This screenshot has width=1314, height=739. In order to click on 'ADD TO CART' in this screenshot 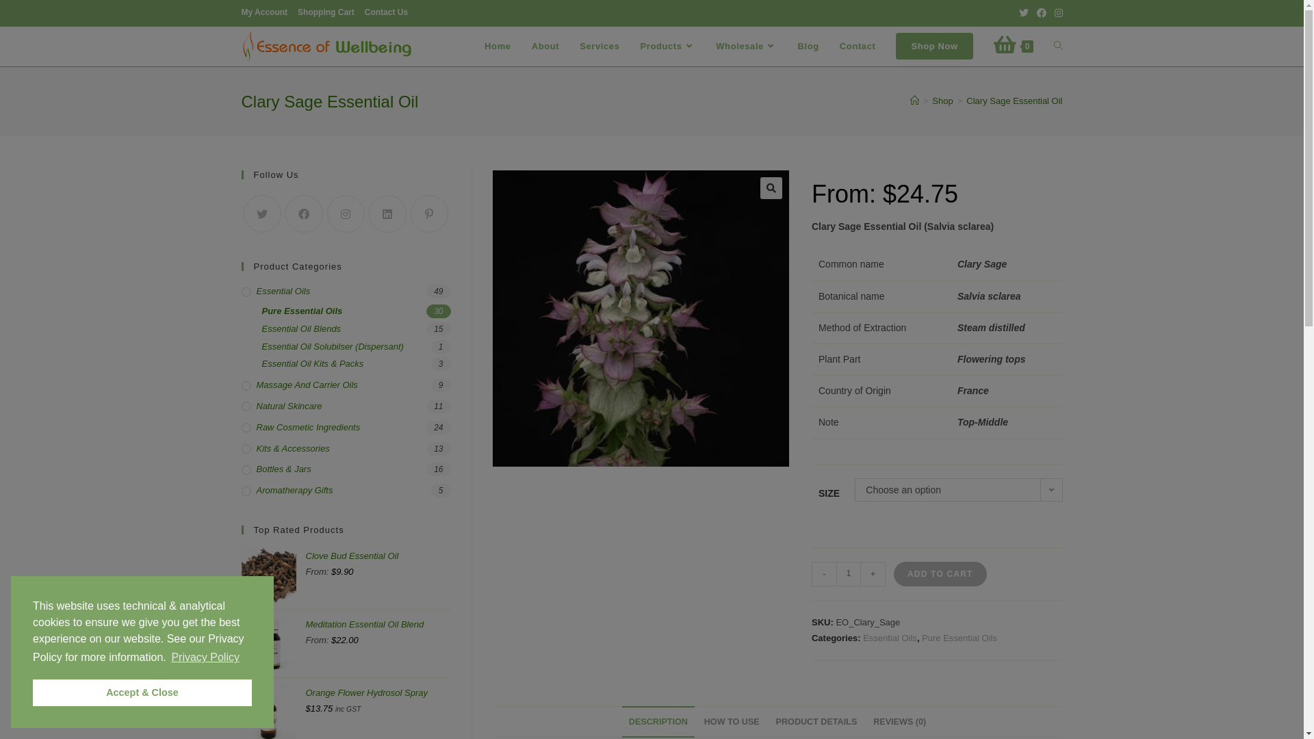, I will do `click(939, 574)`.